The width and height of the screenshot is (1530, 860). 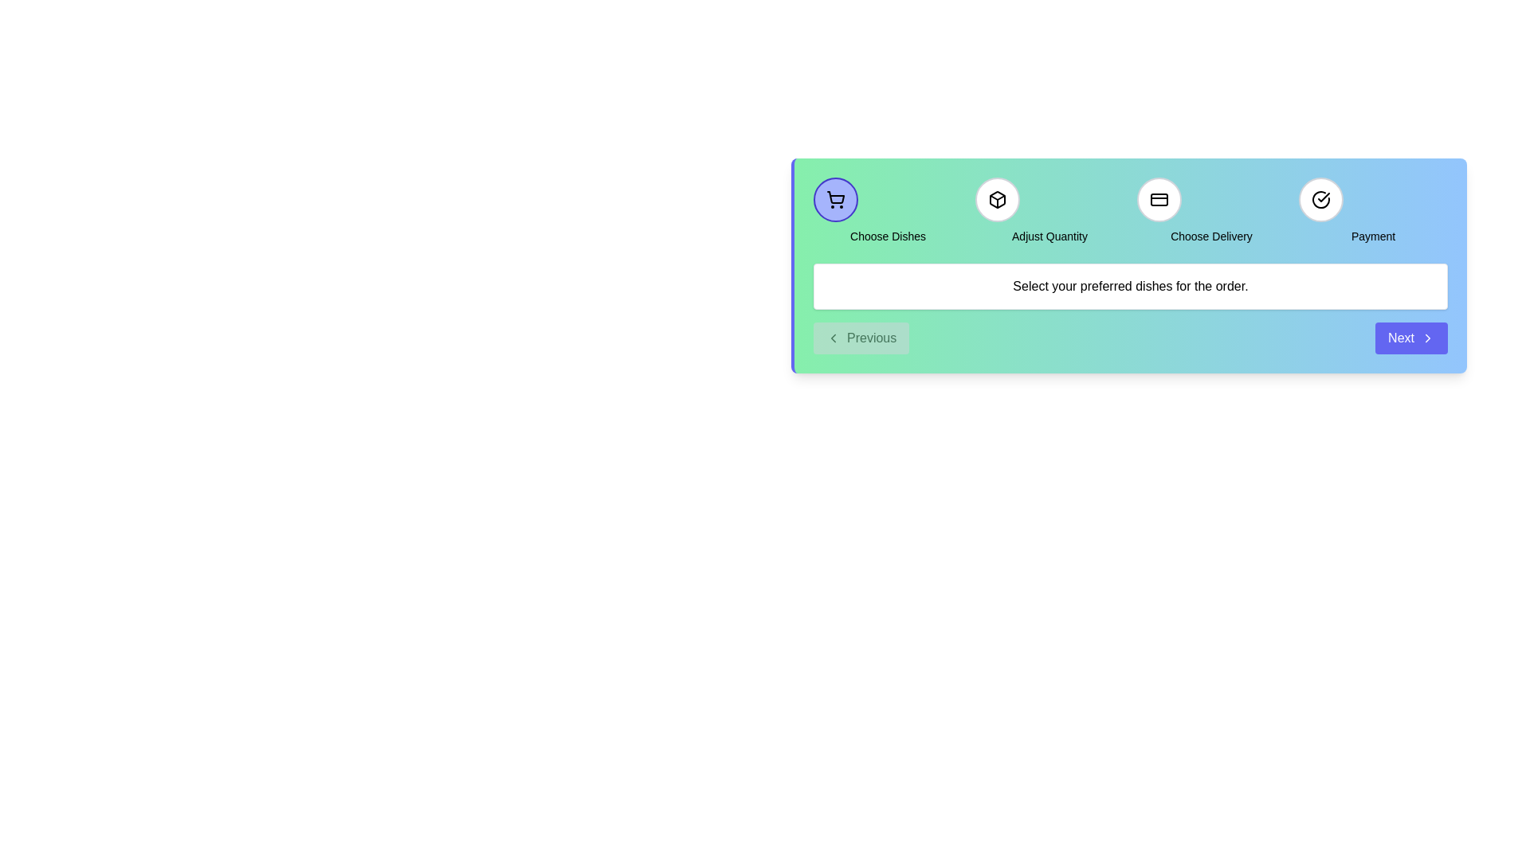 What do you see at coordinates (1324, 196) in the screenshot?
I see `the checkmark icon inside a circle, which indicates a completed step in the payment process of a segmented interface` at bounding box center [1324, 196].